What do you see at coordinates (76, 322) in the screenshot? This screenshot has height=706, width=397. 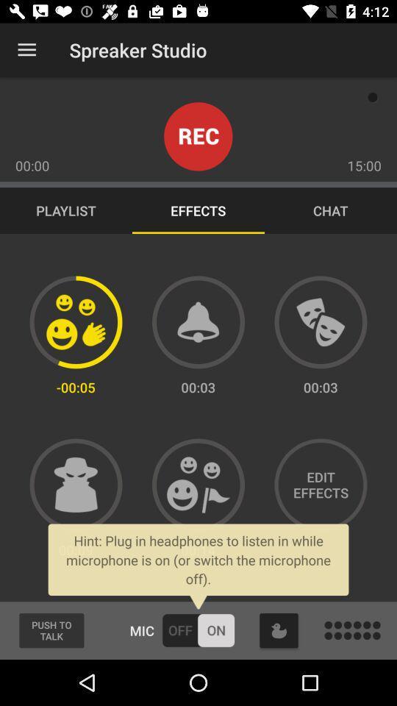 I see `change effect in app` at bounding box center [76, 322].